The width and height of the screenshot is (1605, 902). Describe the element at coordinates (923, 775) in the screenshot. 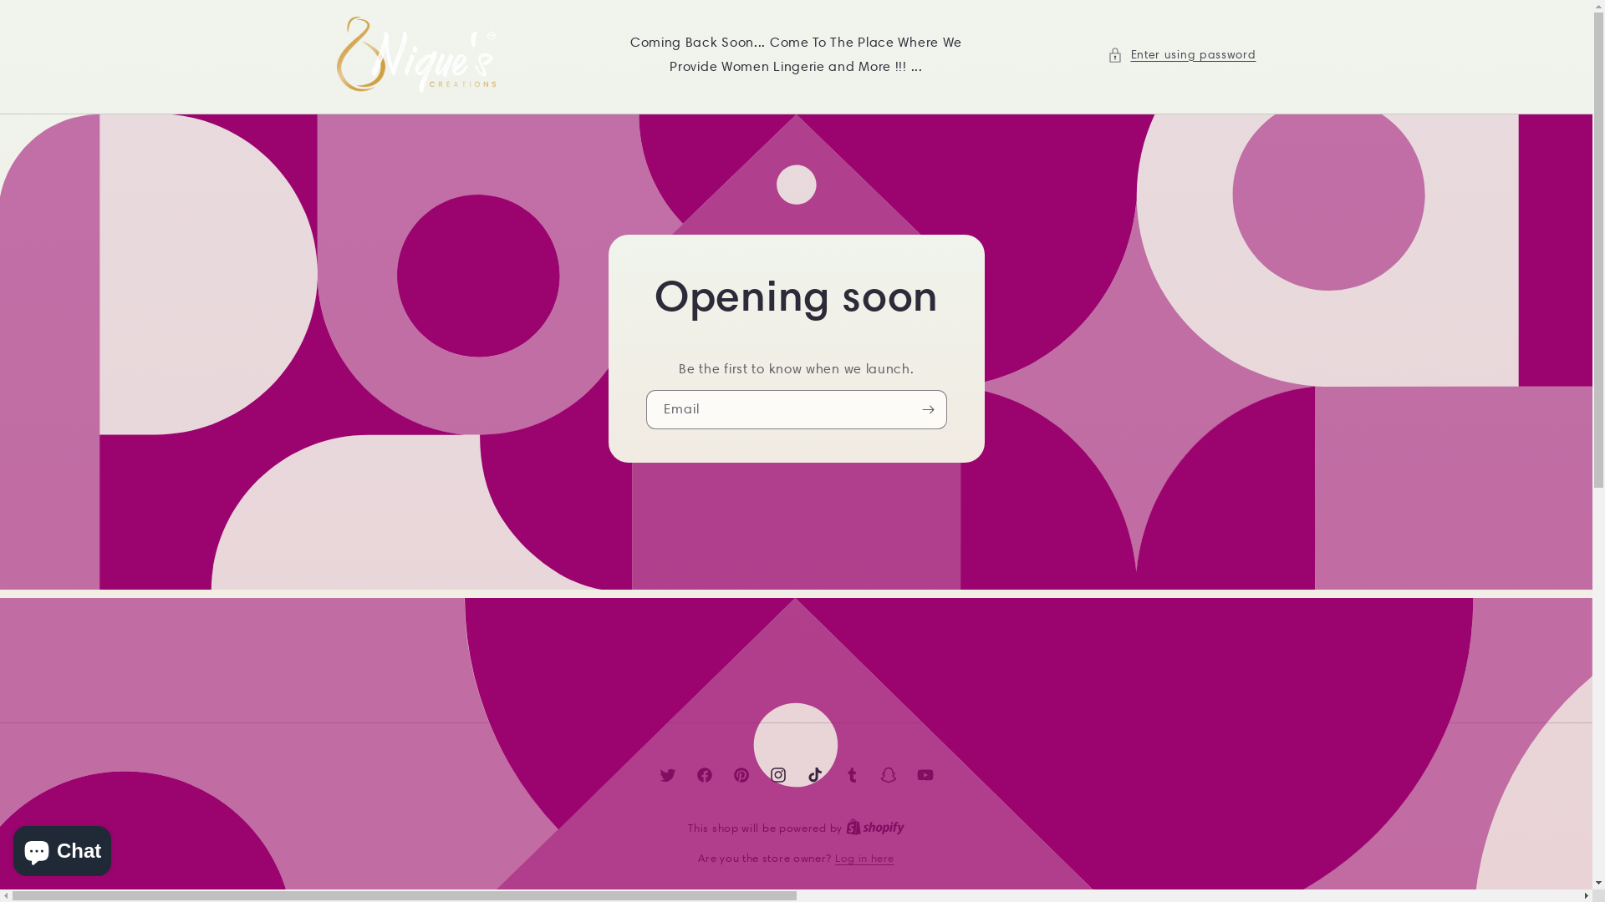

I see `'YouTube'` at that location.